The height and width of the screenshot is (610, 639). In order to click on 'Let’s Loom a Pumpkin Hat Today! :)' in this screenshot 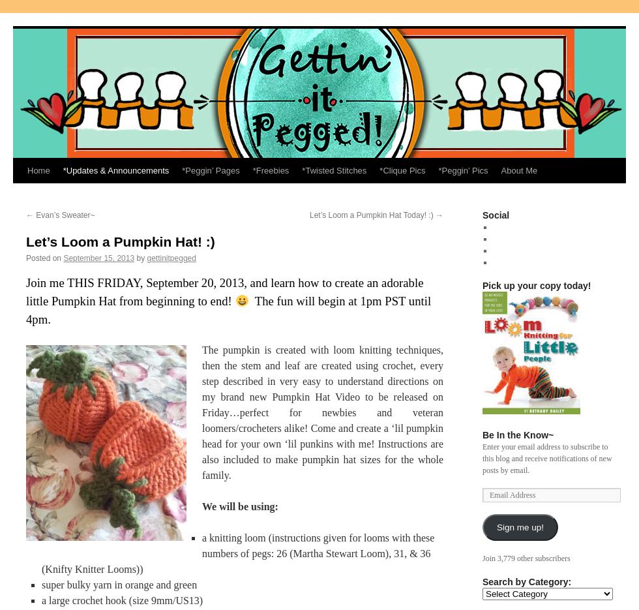, I will do `click(372, 215)`.